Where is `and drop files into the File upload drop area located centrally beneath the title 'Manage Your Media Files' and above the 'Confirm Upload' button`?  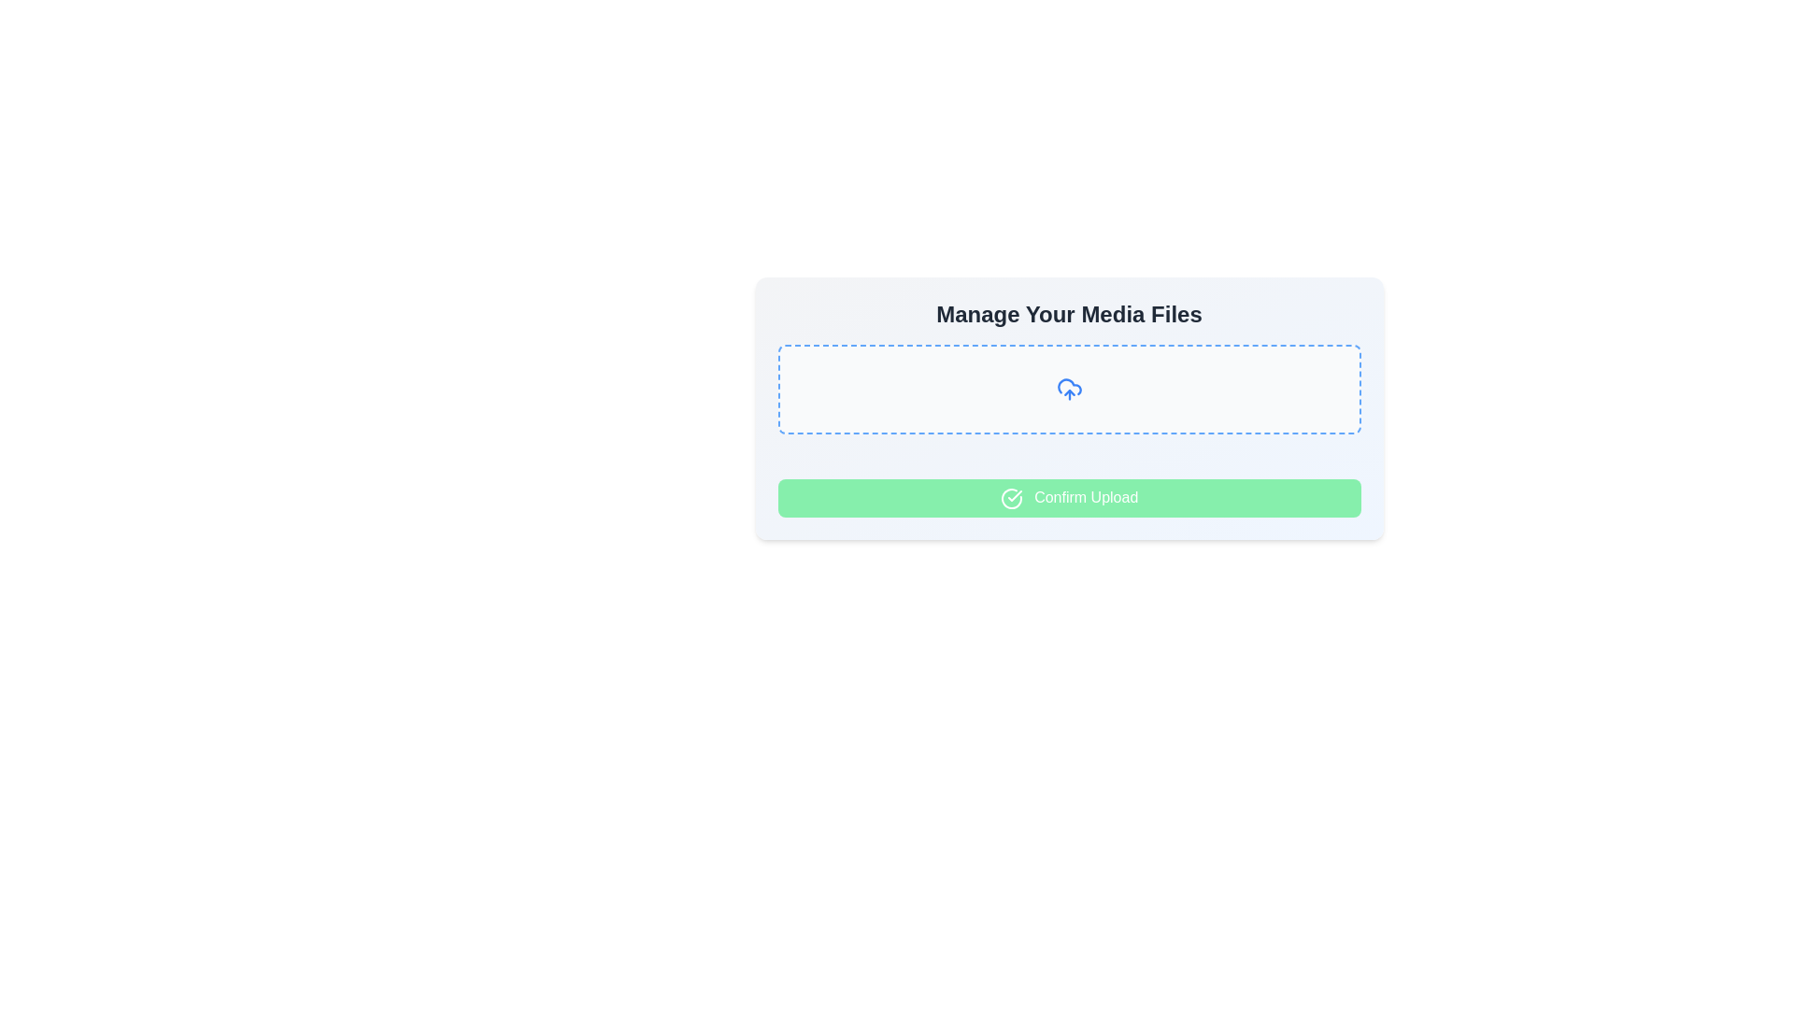 and drop files into the File upload drop area located centrally beneath the title 'Manage Your Media Files' and above the 'Confirm Upload' button is located at coordinates (1069, 388).